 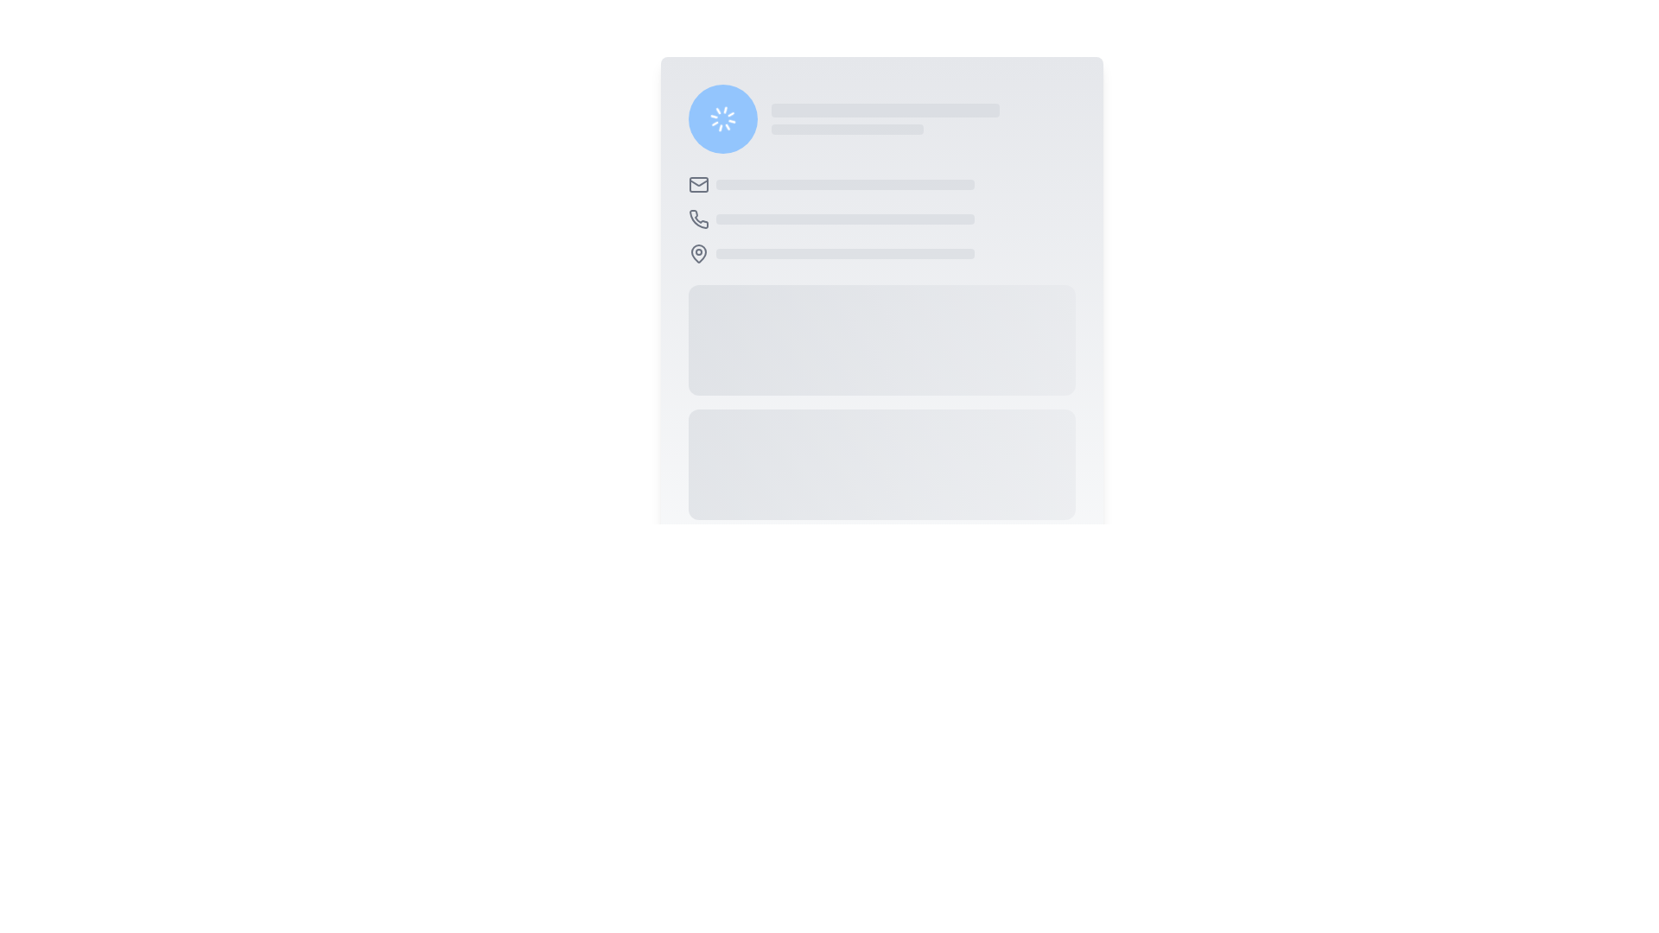 I want to click on the map pin icon, which serves as a location marker and is the leftmost element in a horizontal arrangement, so click(x=698, y=253).